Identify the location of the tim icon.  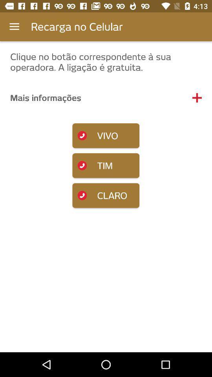
(106, 165).